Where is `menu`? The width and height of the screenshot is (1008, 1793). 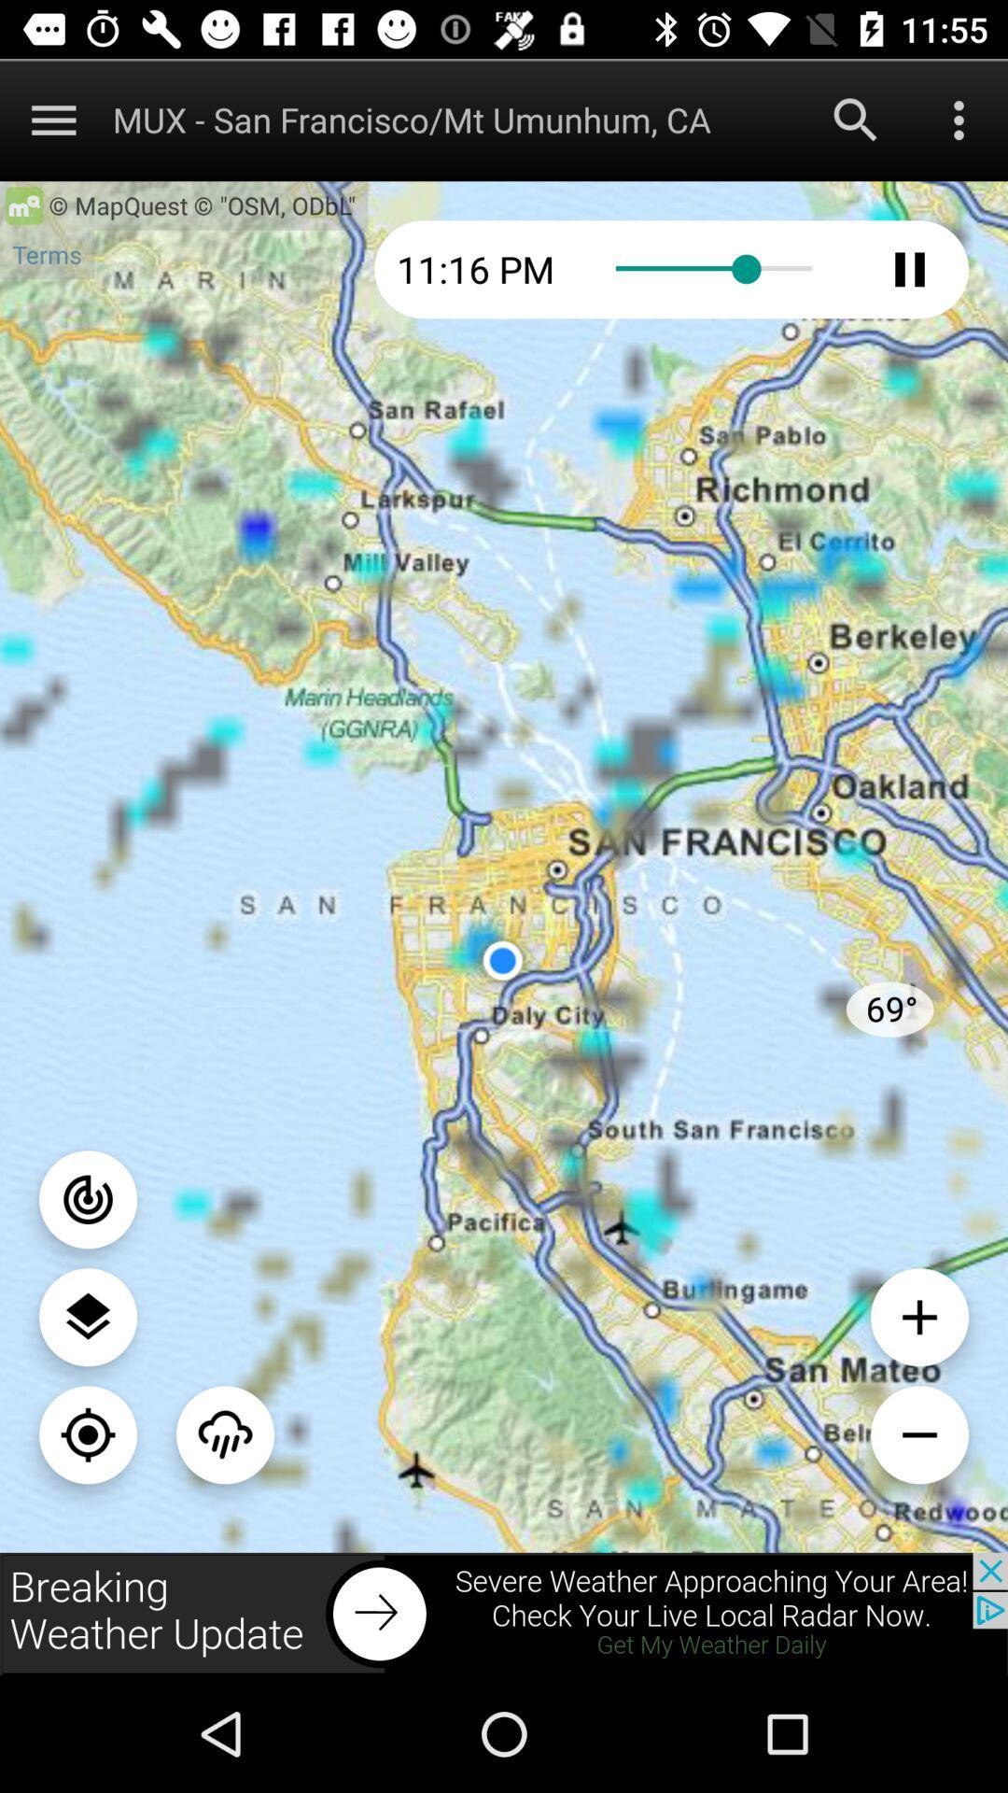
menu is located at coordinates (959, 119).